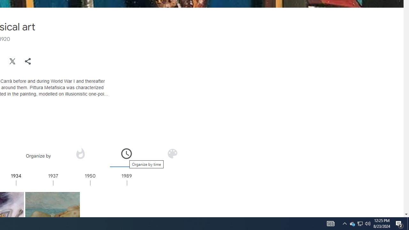 This screenshot has width=409, height=230. Describe the element at coordinates (80, 153) in the screenshot. I see `'Organize by popularity'` at that location.